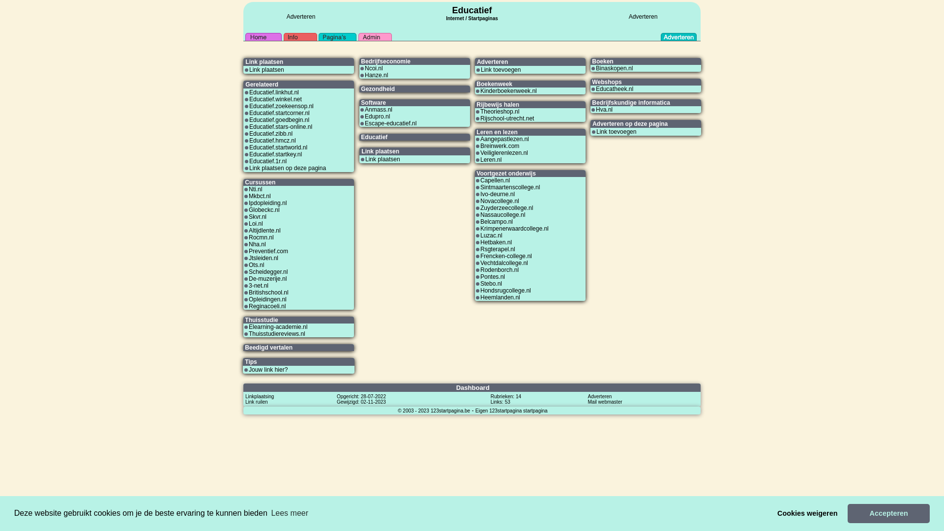  What do you see at coordinates (480, 118) in the screenshot?
I see `'Rijschool-utrecht.net'` at bounding box center [480, 118].